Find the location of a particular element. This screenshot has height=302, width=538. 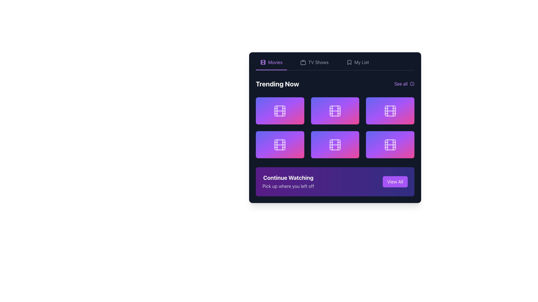

the first navigation tab labeled 'Movies' located at the top-left of the horizontal navigation bar is located at coordinates (271, 64).